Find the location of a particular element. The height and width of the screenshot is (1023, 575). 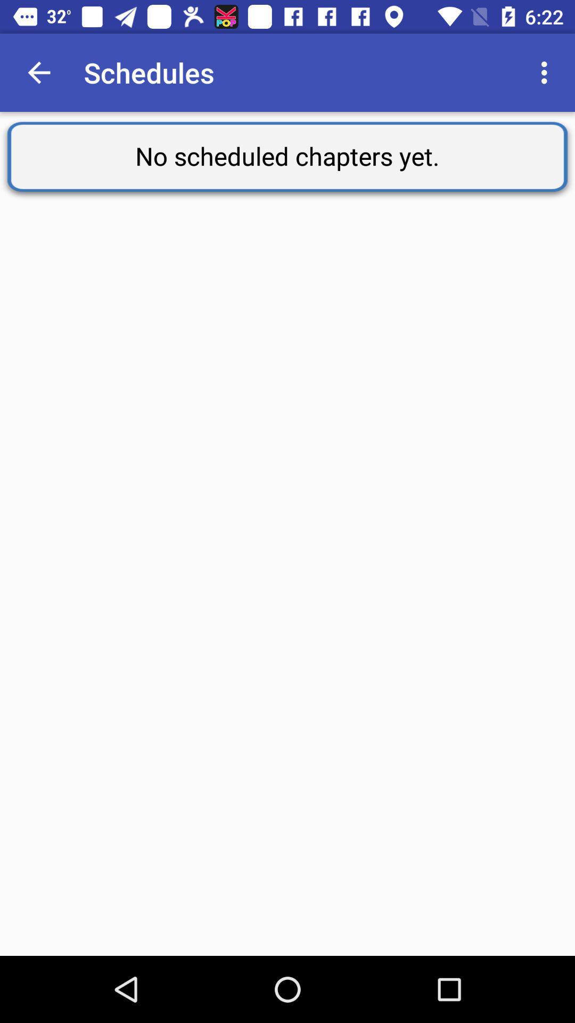

the app to the right of schedules item is located at coordinates (547, 72).